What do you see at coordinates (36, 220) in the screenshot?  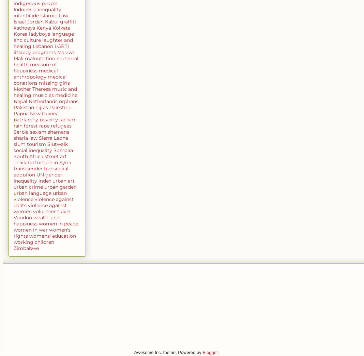 I see `'wealth and happiness'` at bounding box center [36, 220].